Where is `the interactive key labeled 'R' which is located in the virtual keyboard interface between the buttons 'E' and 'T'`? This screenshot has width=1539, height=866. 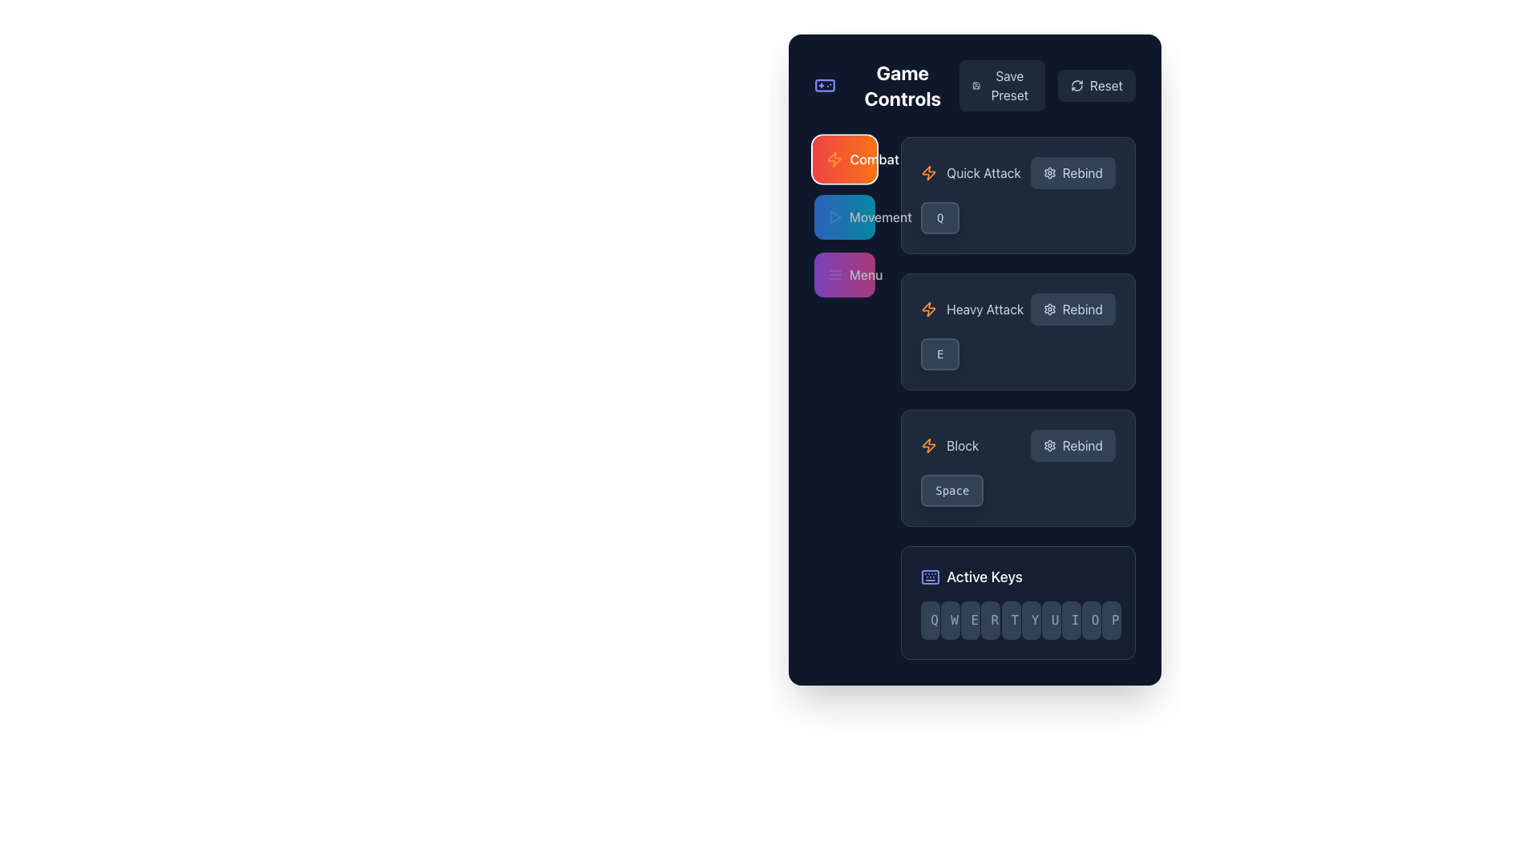
the interactive key labeled 'R' which is located in the virtual keyboard interface between the buttons 'E' and 'T' is located at coordinates (990, 620).